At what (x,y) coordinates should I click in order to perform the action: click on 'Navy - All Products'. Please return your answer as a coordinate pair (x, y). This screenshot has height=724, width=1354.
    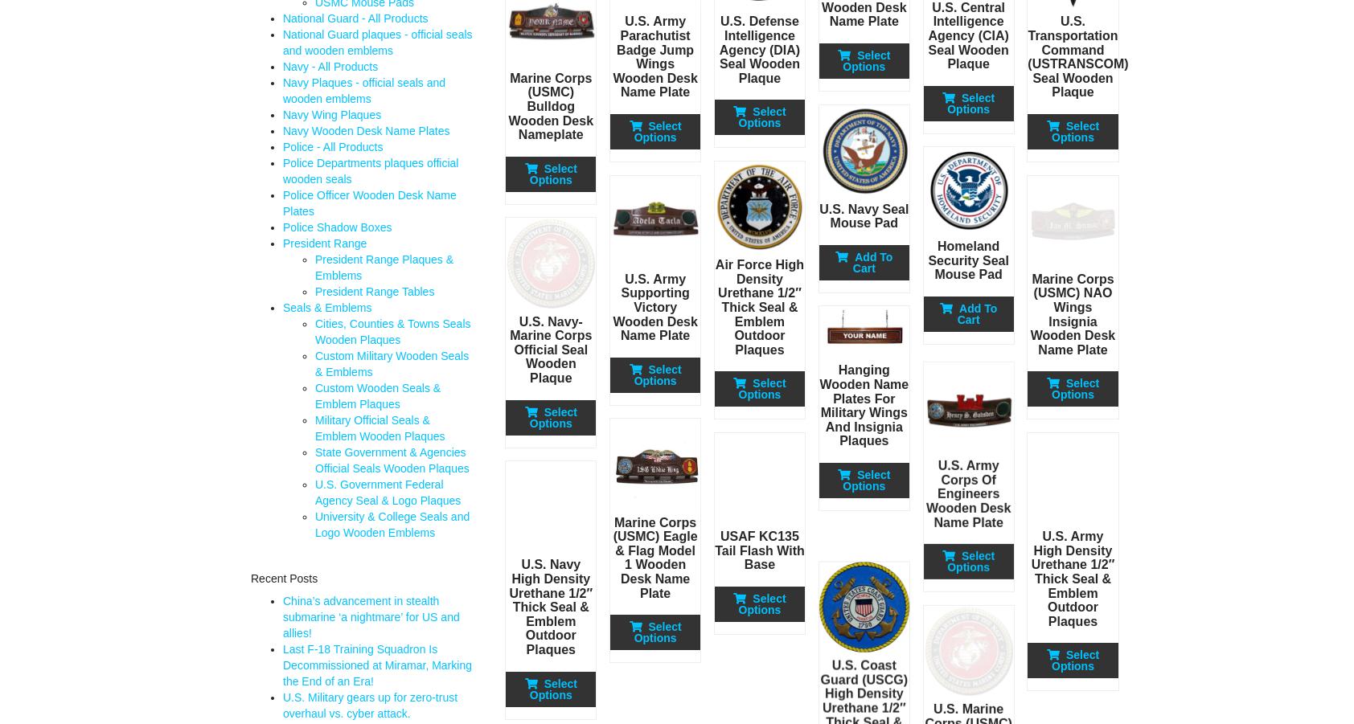
    Looking at the image, I should click on (330, 65).